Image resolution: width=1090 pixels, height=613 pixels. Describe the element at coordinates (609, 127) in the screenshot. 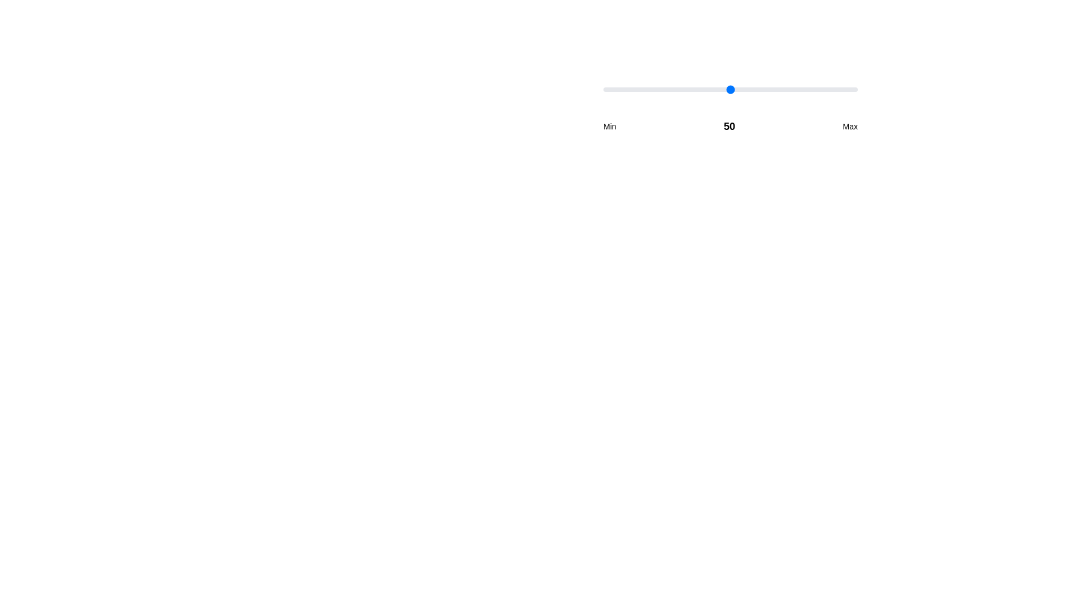

I see `the minimum value label located at the far left of the range slider, next to the bold '50' text and the 'Max' label on the right` at that location.